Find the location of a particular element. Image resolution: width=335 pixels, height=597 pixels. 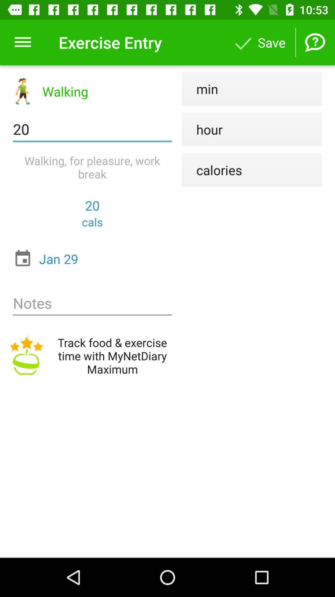

calories item is located at coordinates (212, 170).